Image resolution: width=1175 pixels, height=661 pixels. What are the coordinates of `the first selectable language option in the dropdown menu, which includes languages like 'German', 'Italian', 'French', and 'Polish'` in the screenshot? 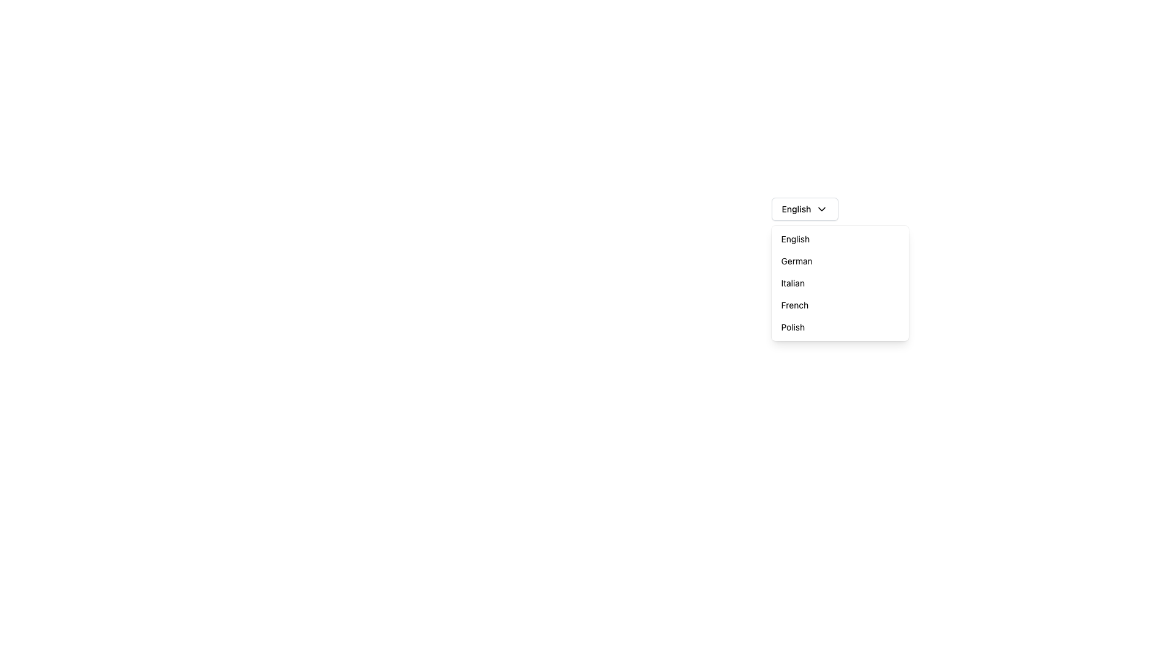 It's located at (839, 239).